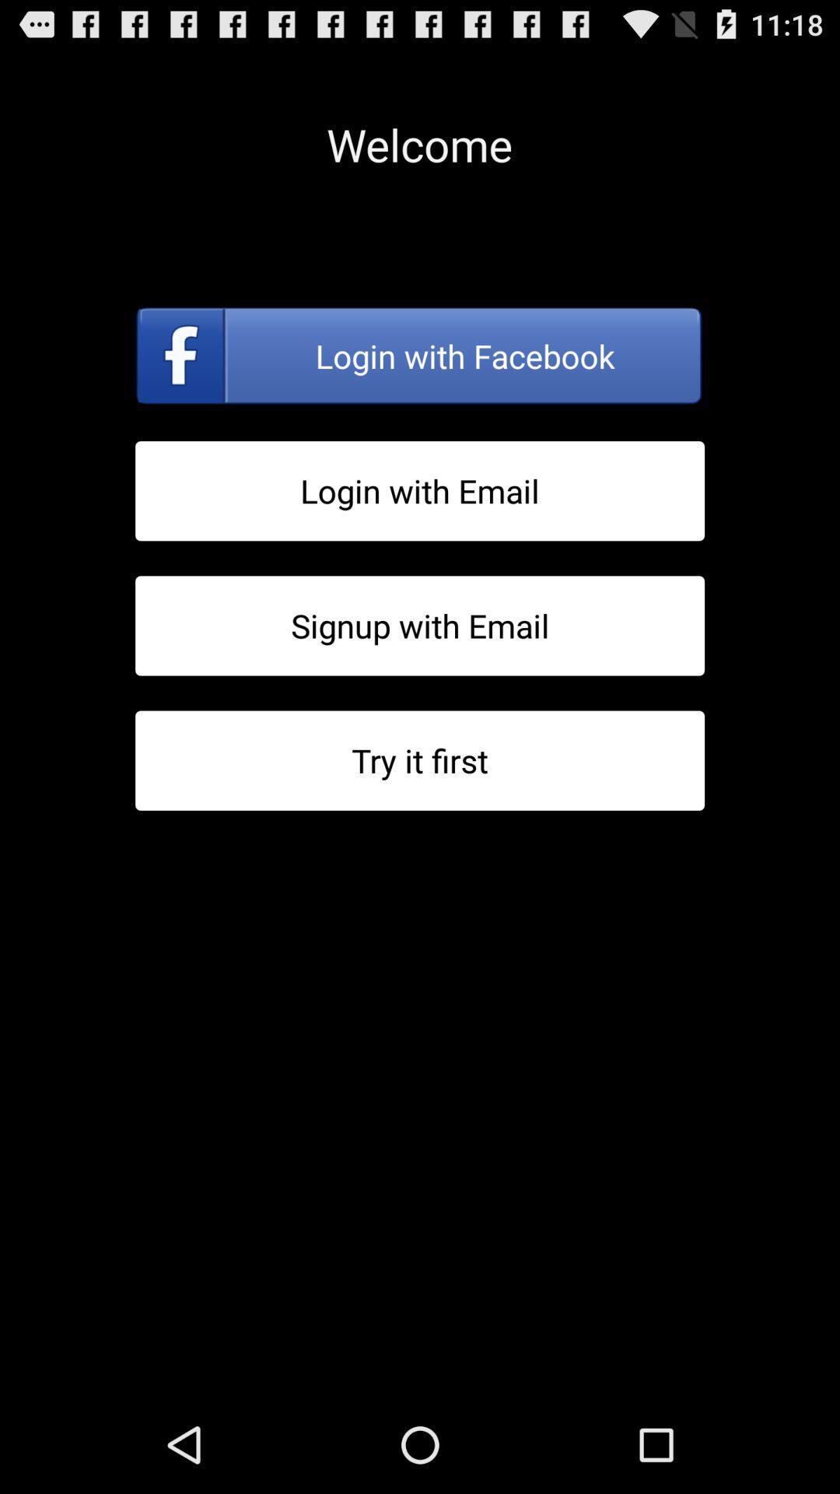  I want to click on login with facebook, so click(420, 355).